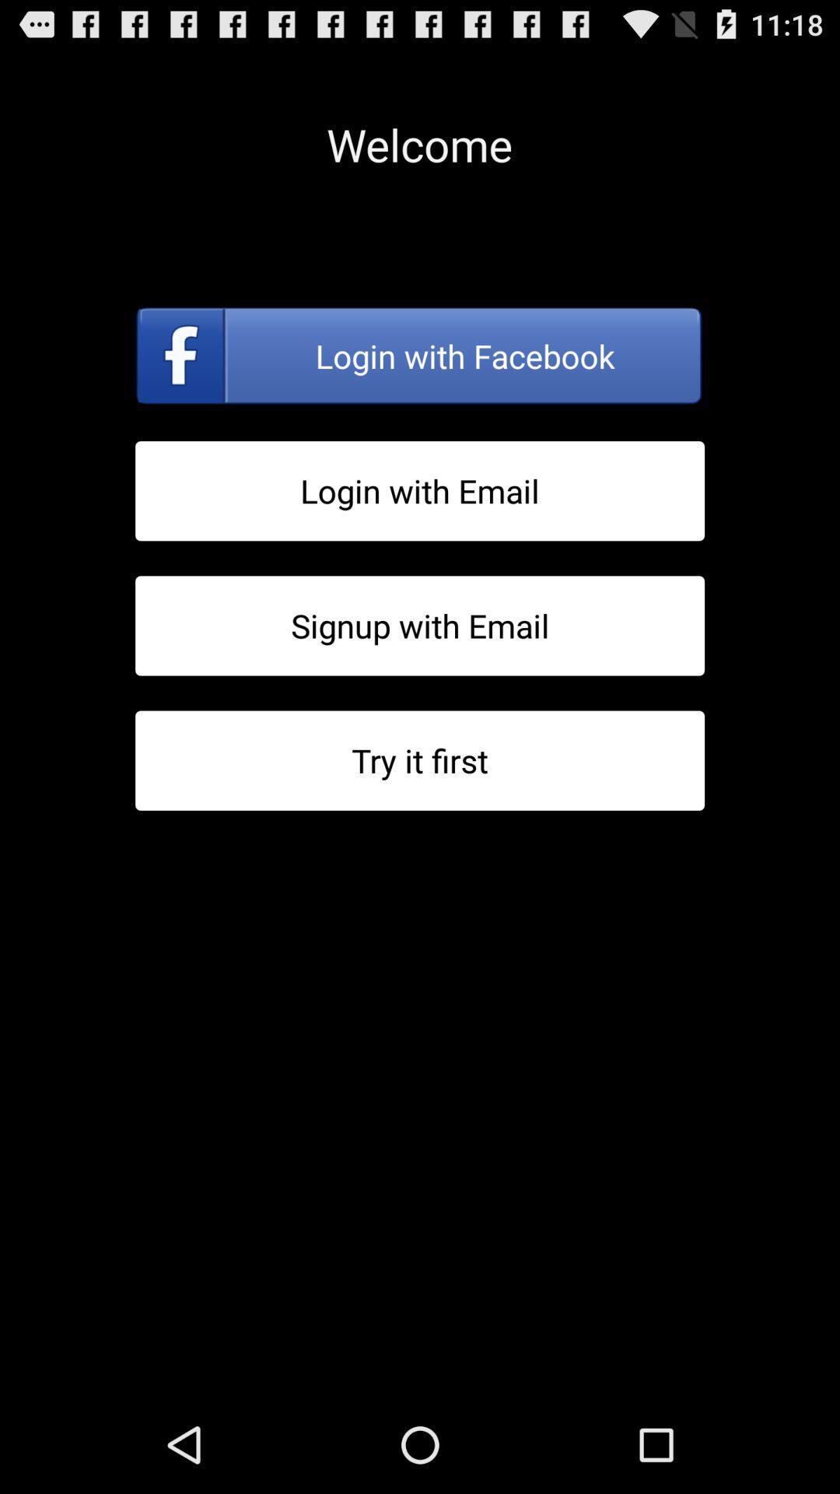  I want to click on login with facebook, so click(420, 355).